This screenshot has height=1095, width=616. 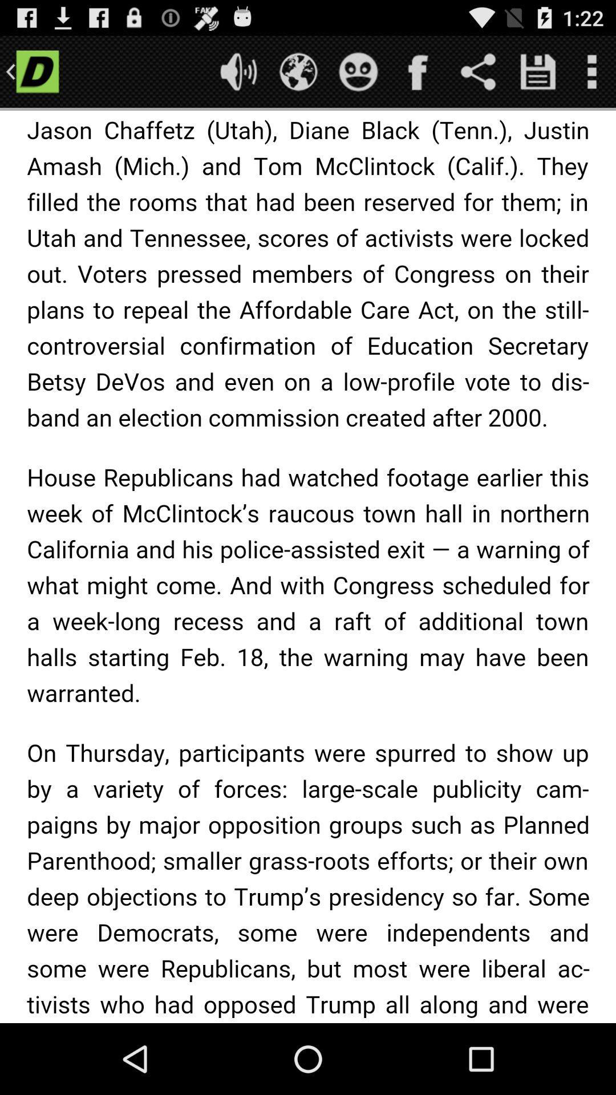 I want to click on share on facebook, so click(x=418, y=71).